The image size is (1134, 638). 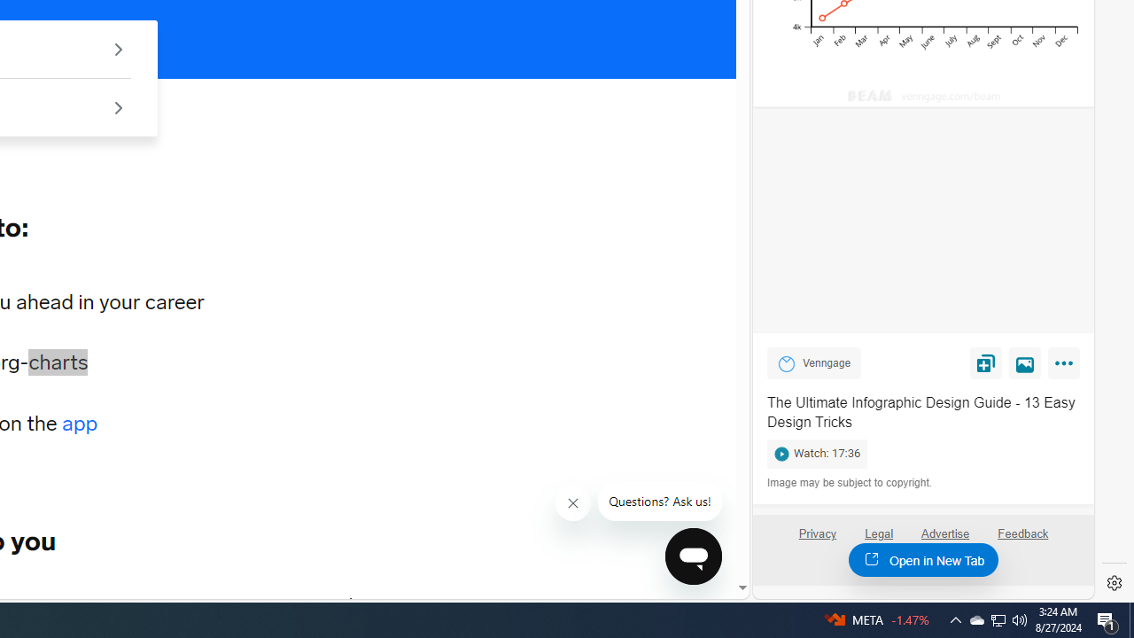 I want to click on 'Class: sc-1k07fow-1 cbnSms', so click(x=692, y=555).